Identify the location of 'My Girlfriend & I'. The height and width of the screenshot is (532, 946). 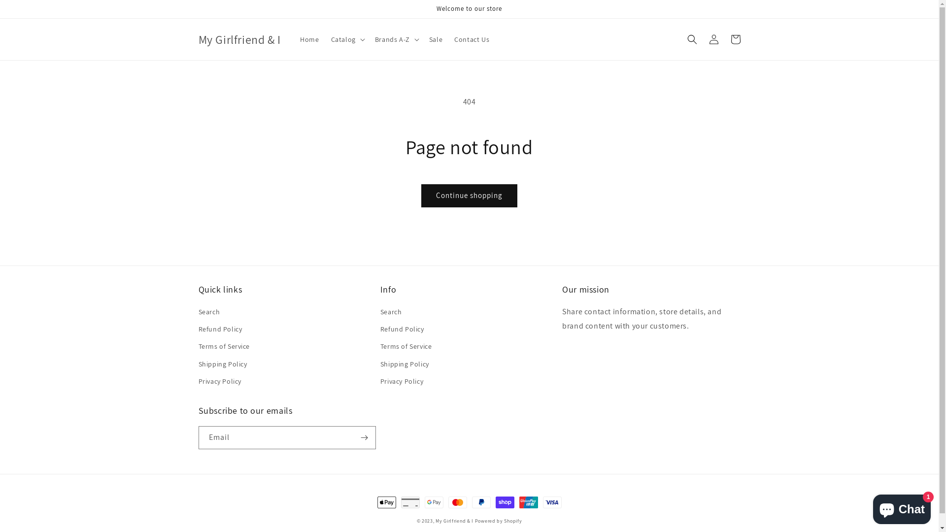
(454, 520).